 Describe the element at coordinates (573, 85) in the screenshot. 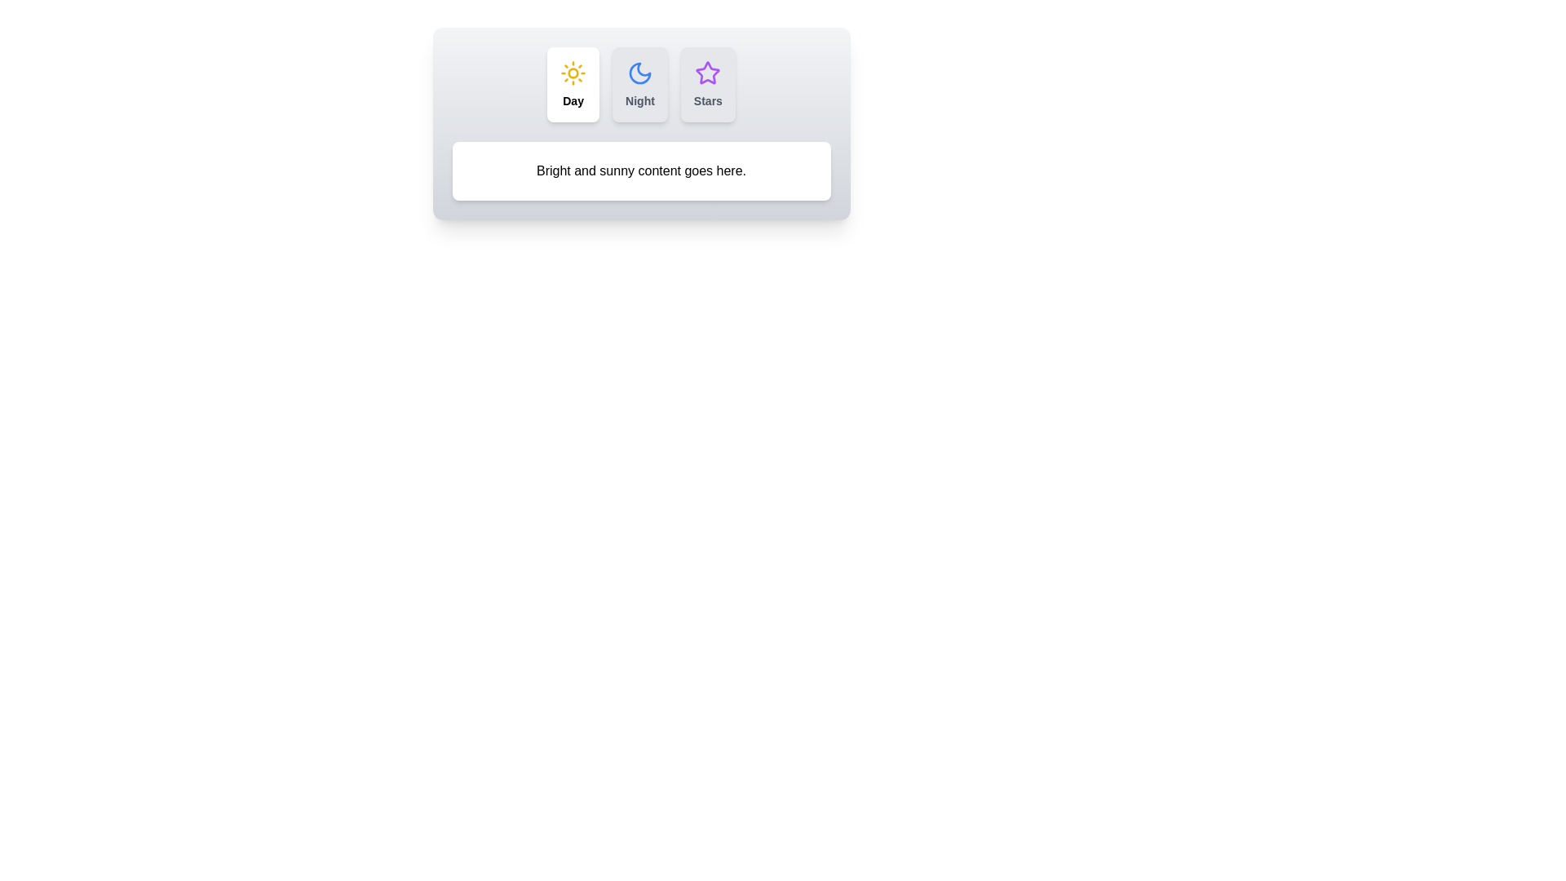

I see `the tab labeled Day to switch its content` at that location.